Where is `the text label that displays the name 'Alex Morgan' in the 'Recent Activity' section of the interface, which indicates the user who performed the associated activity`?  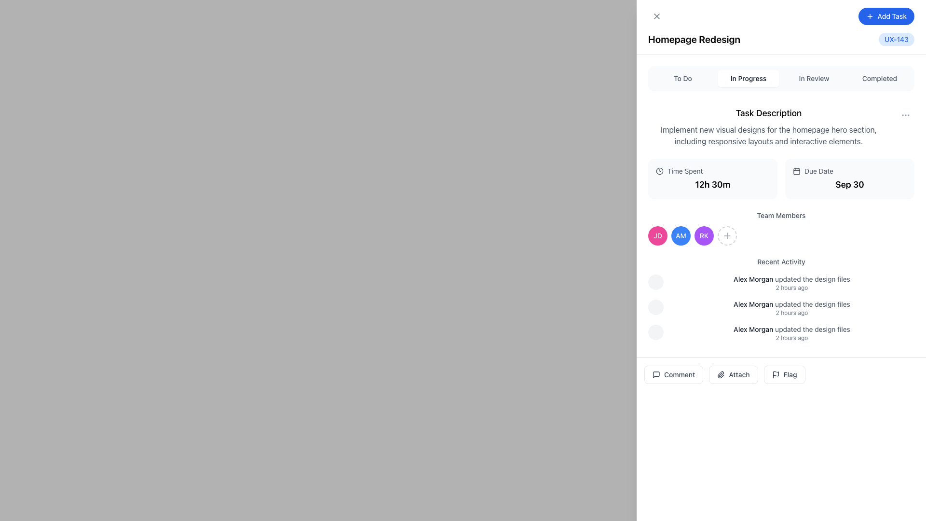 the text label that displays the name 'Alex Morgan' in the 'Recent Activity' section of the interface, which indicates the user who performed the associated activity is located at coordinates (753, 329).